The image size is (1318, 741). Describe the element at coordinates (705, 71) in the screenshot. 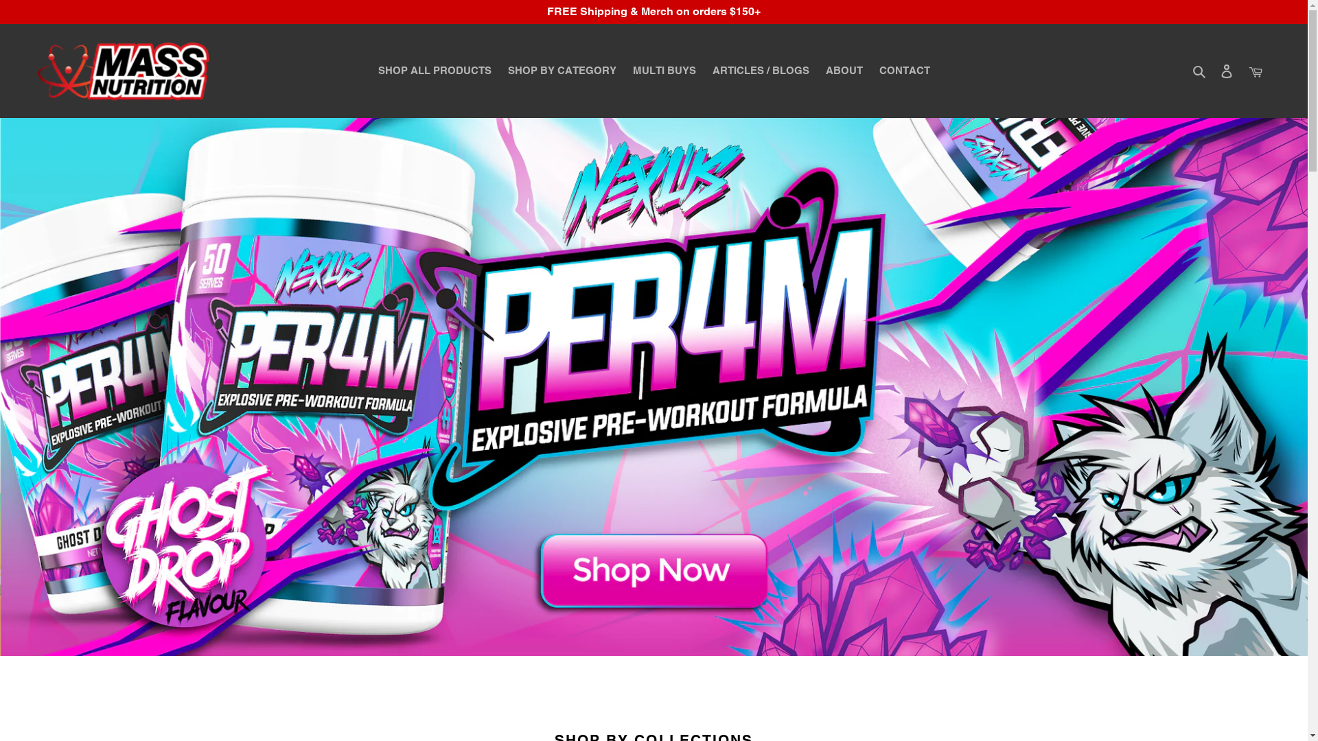

I see `'ARTICLES / BLOGS'` at that location.